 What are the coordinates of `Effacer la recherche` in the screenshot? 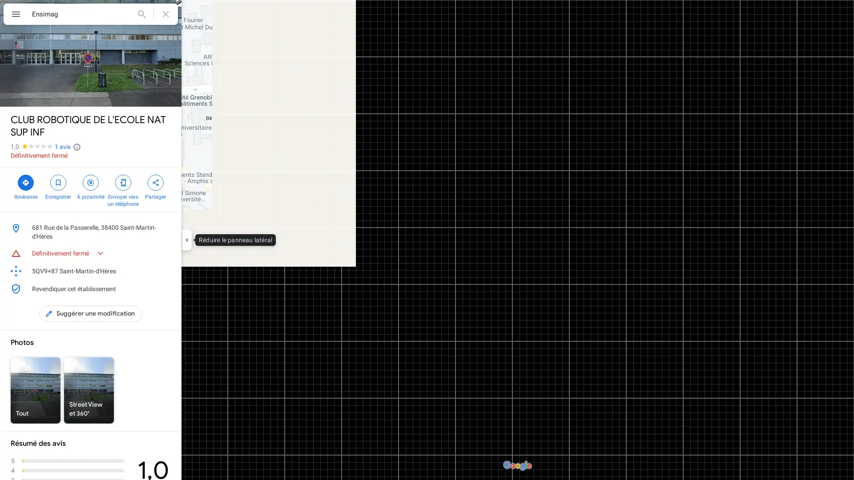 It's located at (166, 14).